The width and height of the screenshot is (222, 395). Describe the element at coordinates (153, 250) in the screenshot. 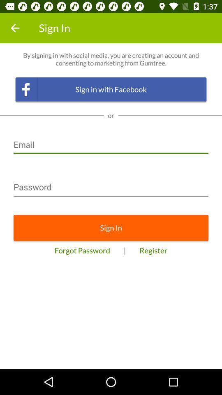

I see `item to the right of the |` at that location.